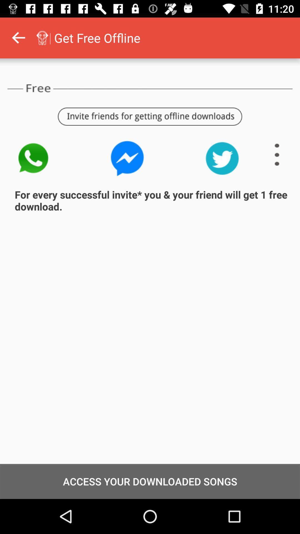 This screenshot has height=534, width=300. What do you see at coordinates (33, 158) in the screenshot?
I see `do a call` at bounding box center [33, 158].